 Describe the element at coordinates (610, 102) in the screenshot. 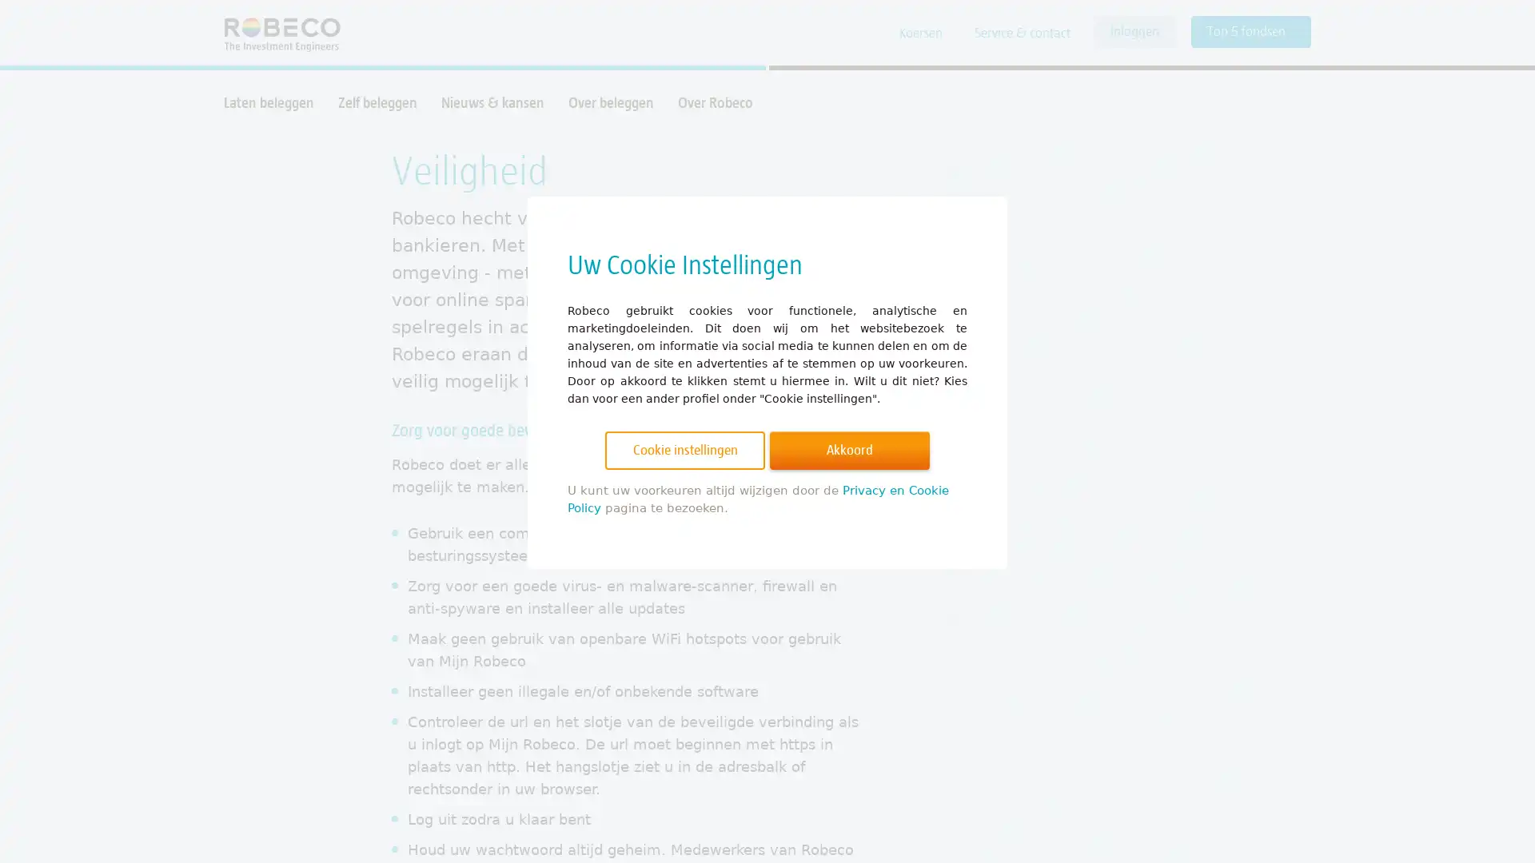

I see `Over beleggen` at that location.